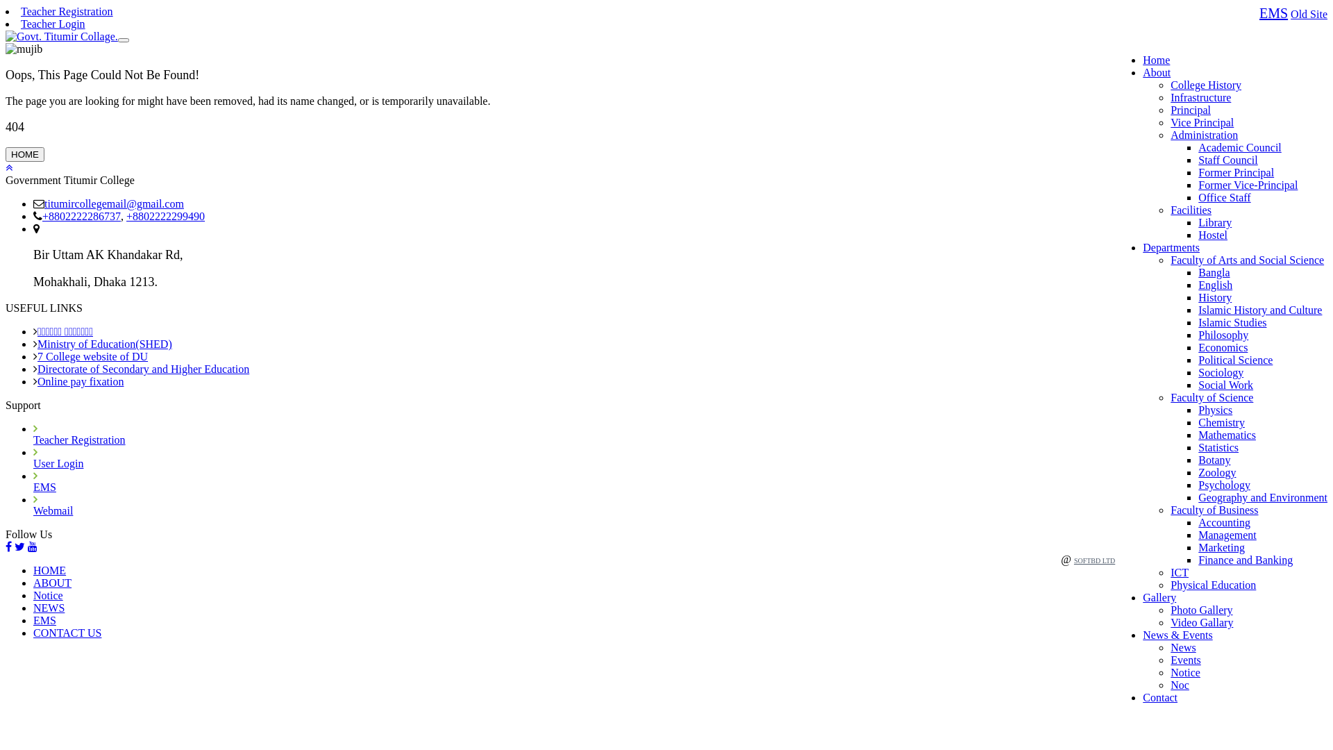  I want to click on 'HOME', so click(24, 154).